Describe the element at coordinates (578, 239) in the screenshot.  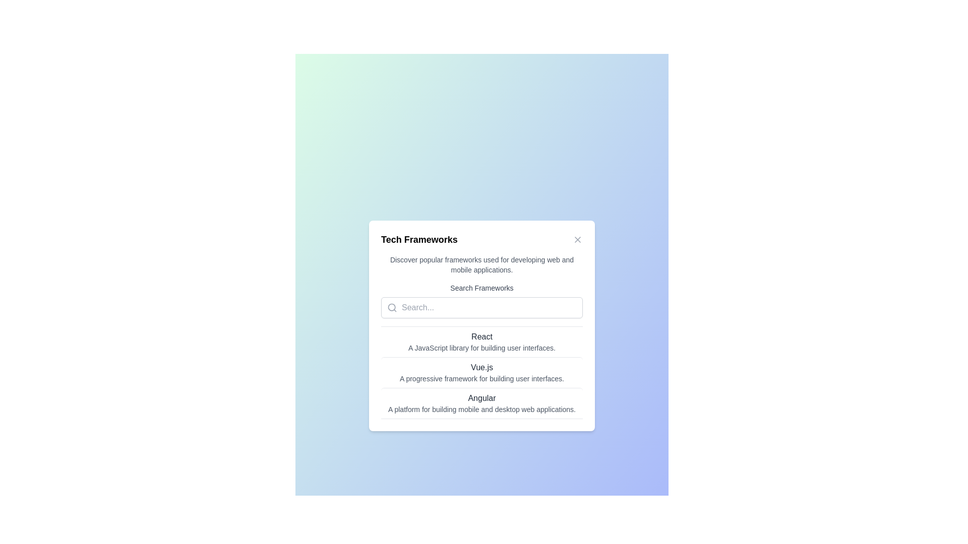
I see `the rounded X-shaped icon button on the far right of the header bar labeled 'Tech Frameworks'` at that location.